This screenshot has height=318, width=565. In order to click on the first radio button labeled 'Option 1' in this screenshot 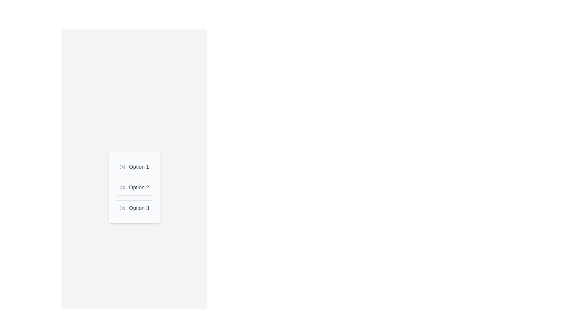, I will do `click(134, 167)`.